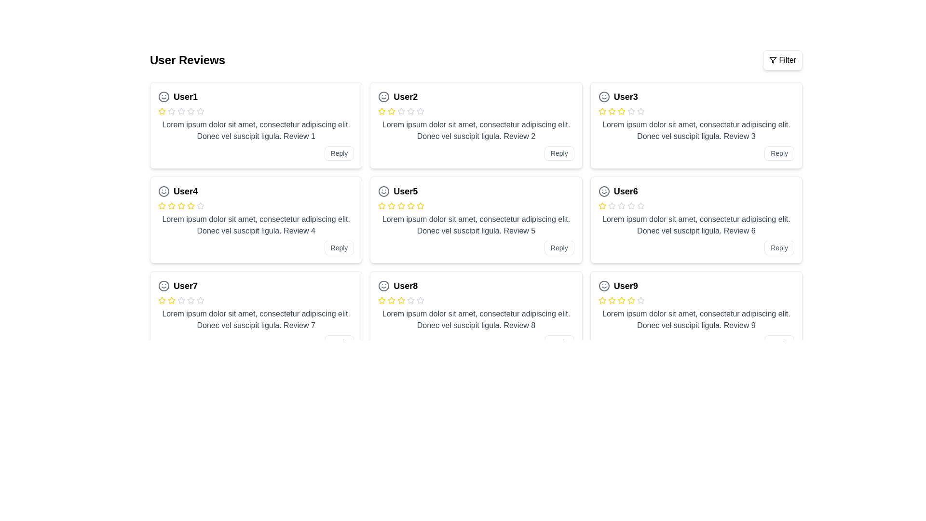 Image resolution: width=926 pixels, height=521 pixels. I want to click on the sixth gray star-shaped rating icon under the heading 'User8' in the review card grid, so click(411, 300).